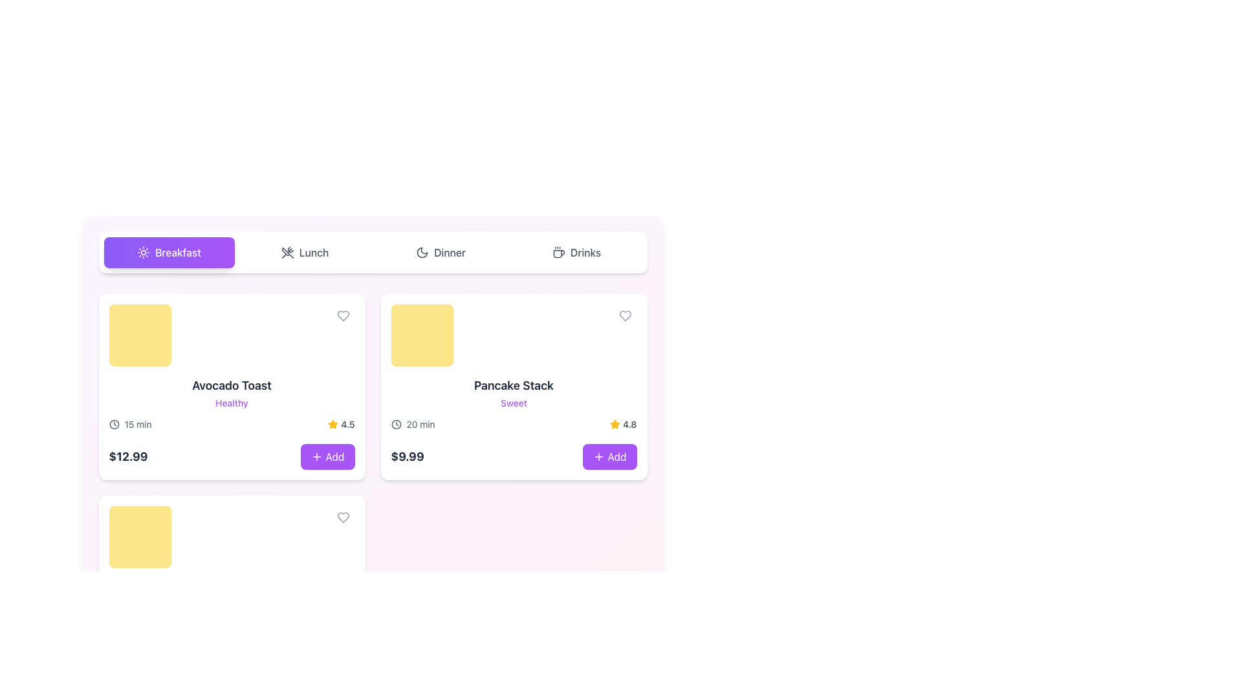 The height and width of the screenshot is (698, 1242). Describe the element at coordinates (513, 402) in the screenshot. I see `text label providing additional information about the 'Pancake Stack' item, located underneath the title text in the card` at that location.